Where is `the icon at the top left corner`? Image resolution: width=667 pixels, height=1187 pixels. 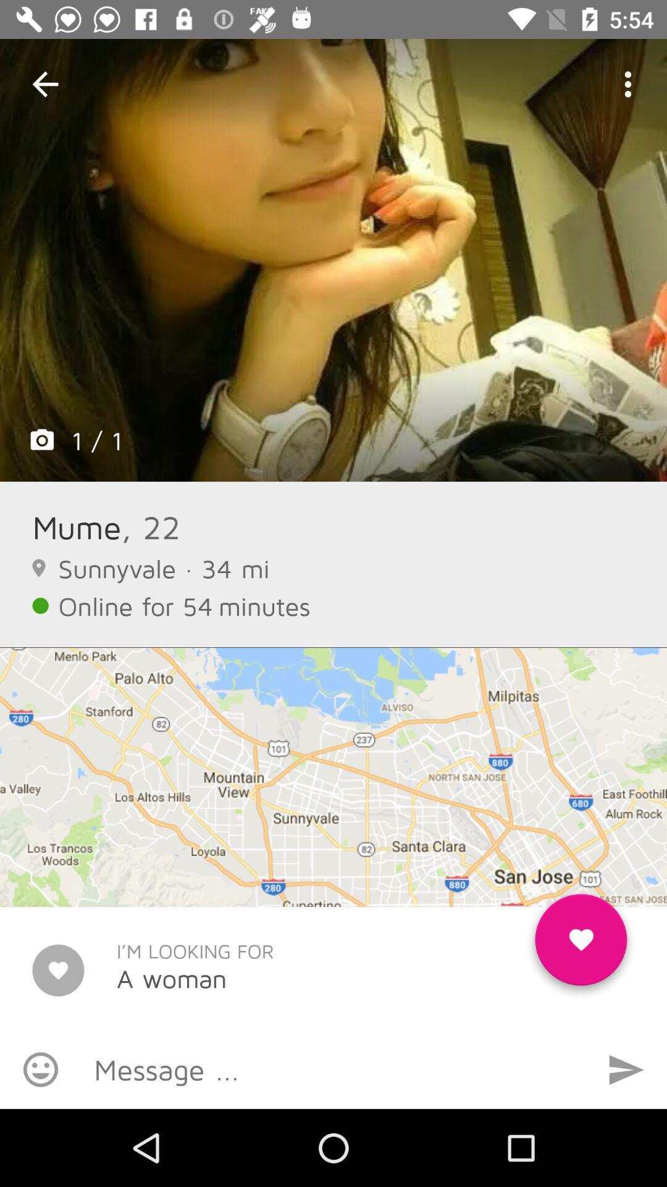
the icon at the top left corner is located at coordinates (44, 83).